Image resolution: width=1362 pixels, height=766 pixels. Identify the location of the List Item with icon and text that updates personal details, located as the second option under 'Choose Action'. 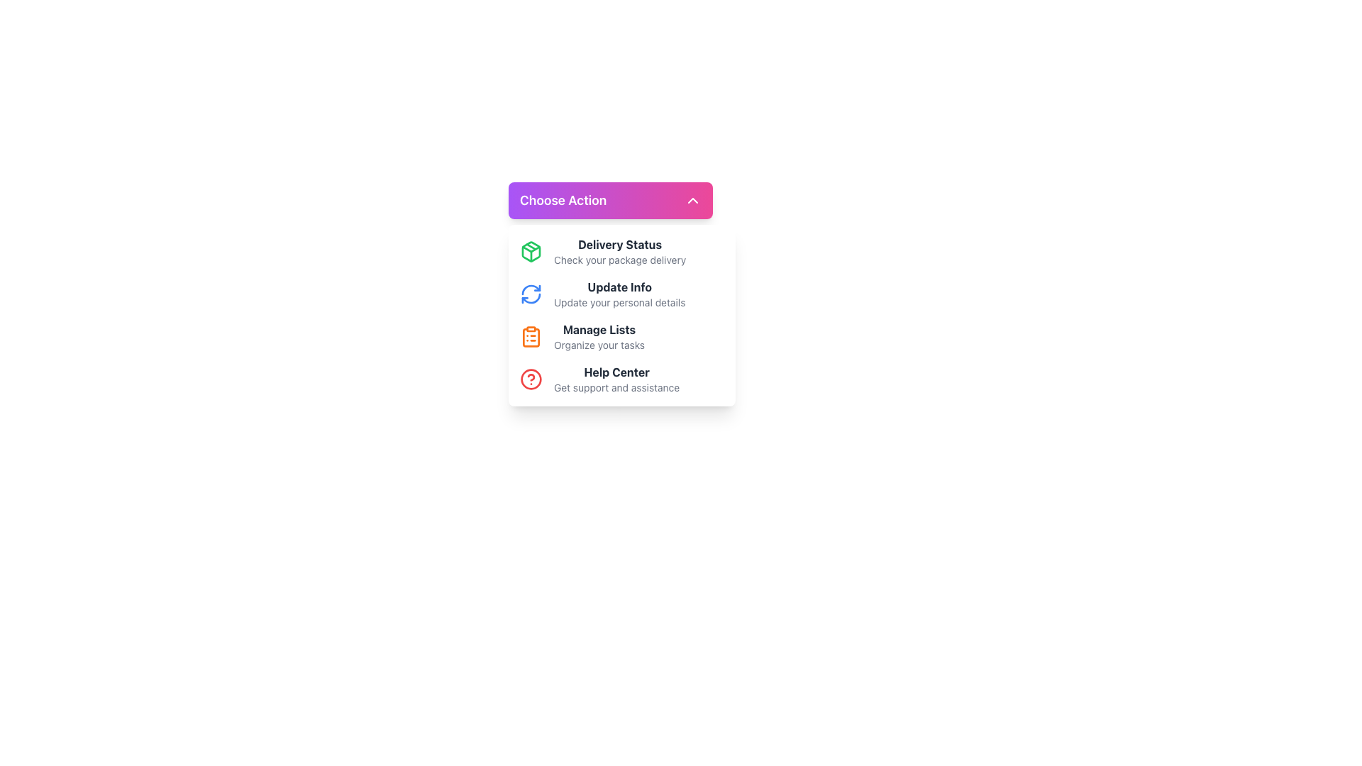
(619, 294).